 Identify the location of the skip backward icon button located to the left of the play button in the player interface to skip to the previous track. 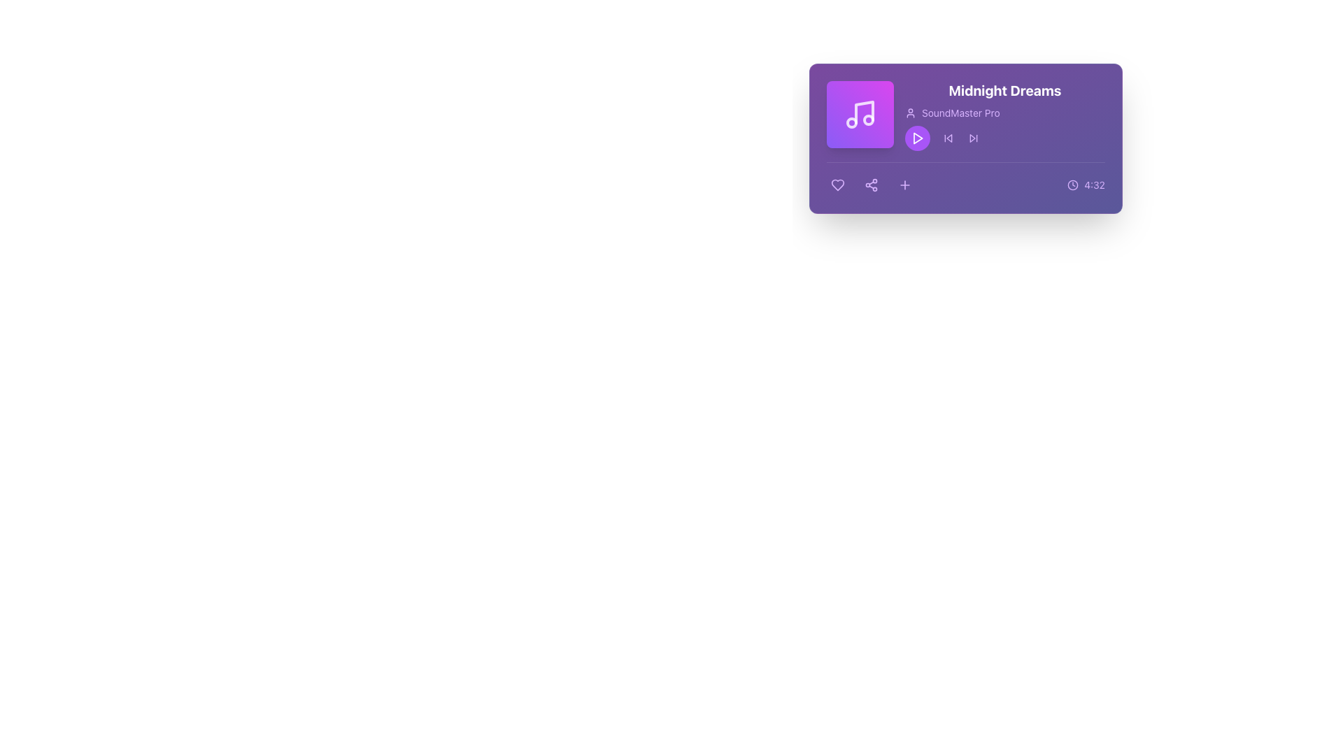
(948, 138).